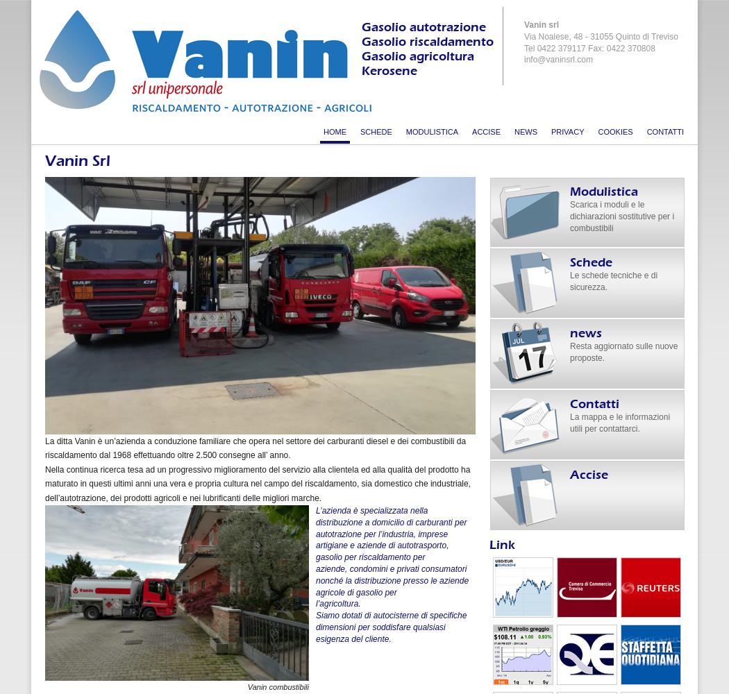 Image resolution: width=729 pixels, height=694 pixels. I want to click on 'Tel 0422 379117 Fax: 0422 370808', so click(589, 47).